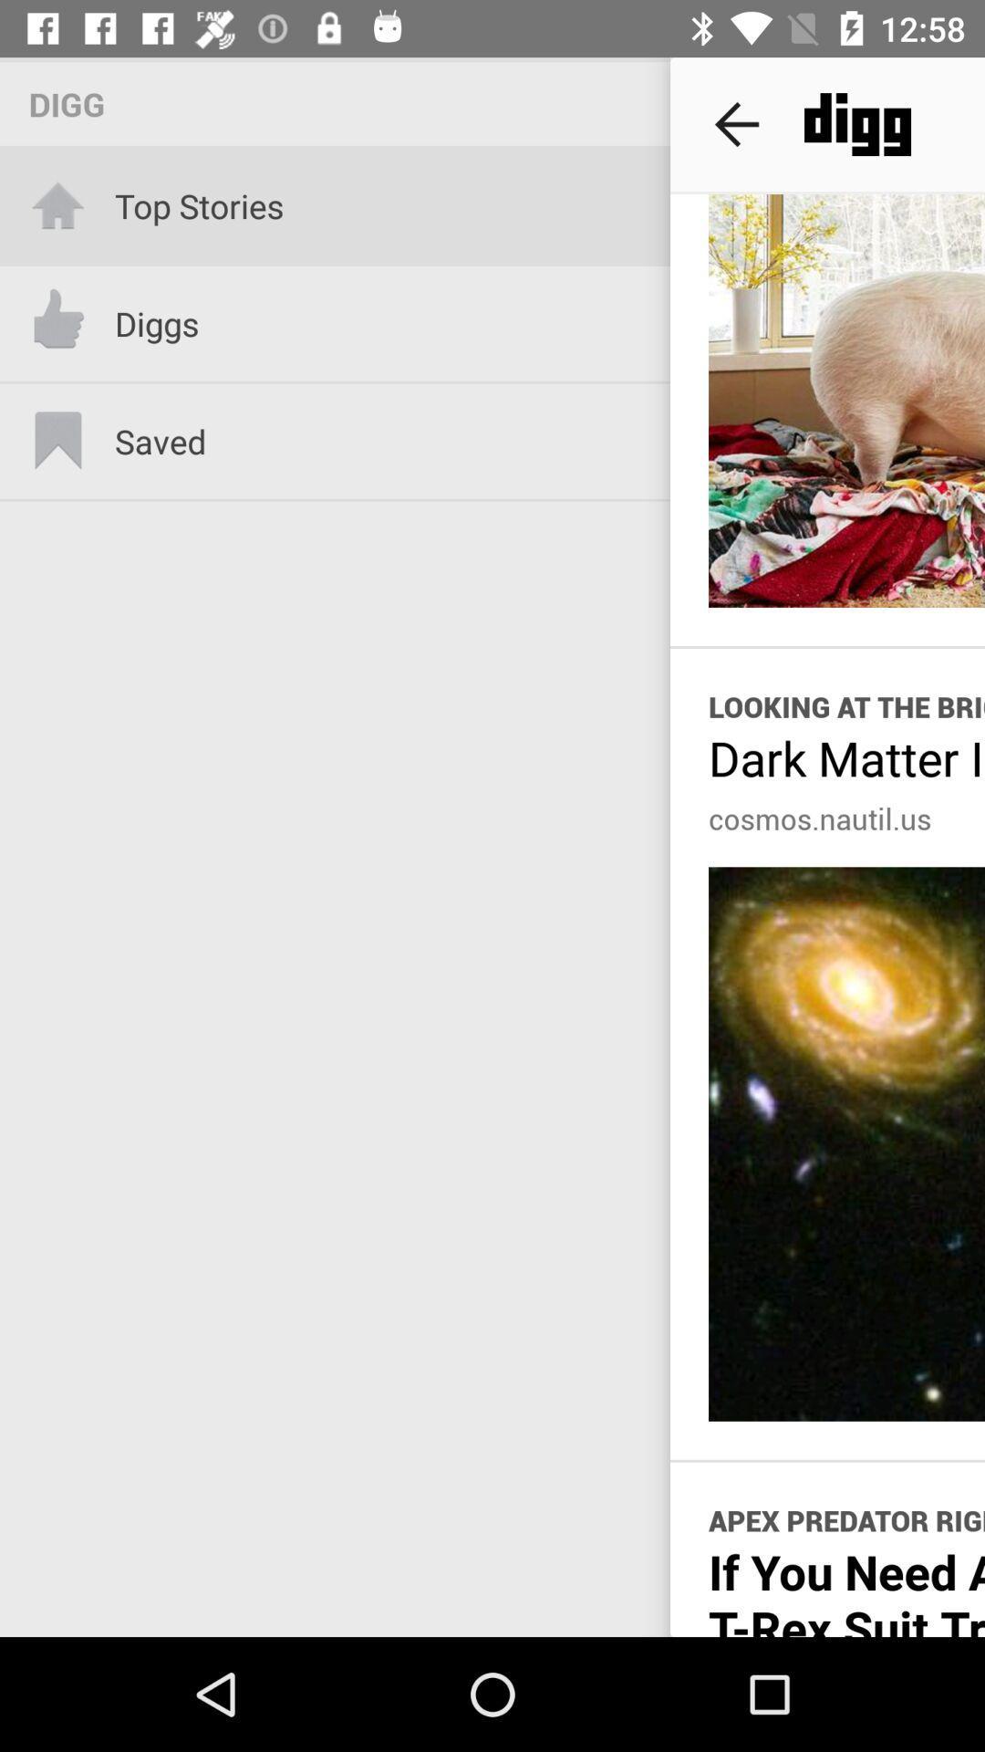 The height and width of the screenshot is (1752, 985). What do you see at coordinates (846, 705) in the screenshot?
I see `item above the dark matter is icon` at bounding box center [846, 705].